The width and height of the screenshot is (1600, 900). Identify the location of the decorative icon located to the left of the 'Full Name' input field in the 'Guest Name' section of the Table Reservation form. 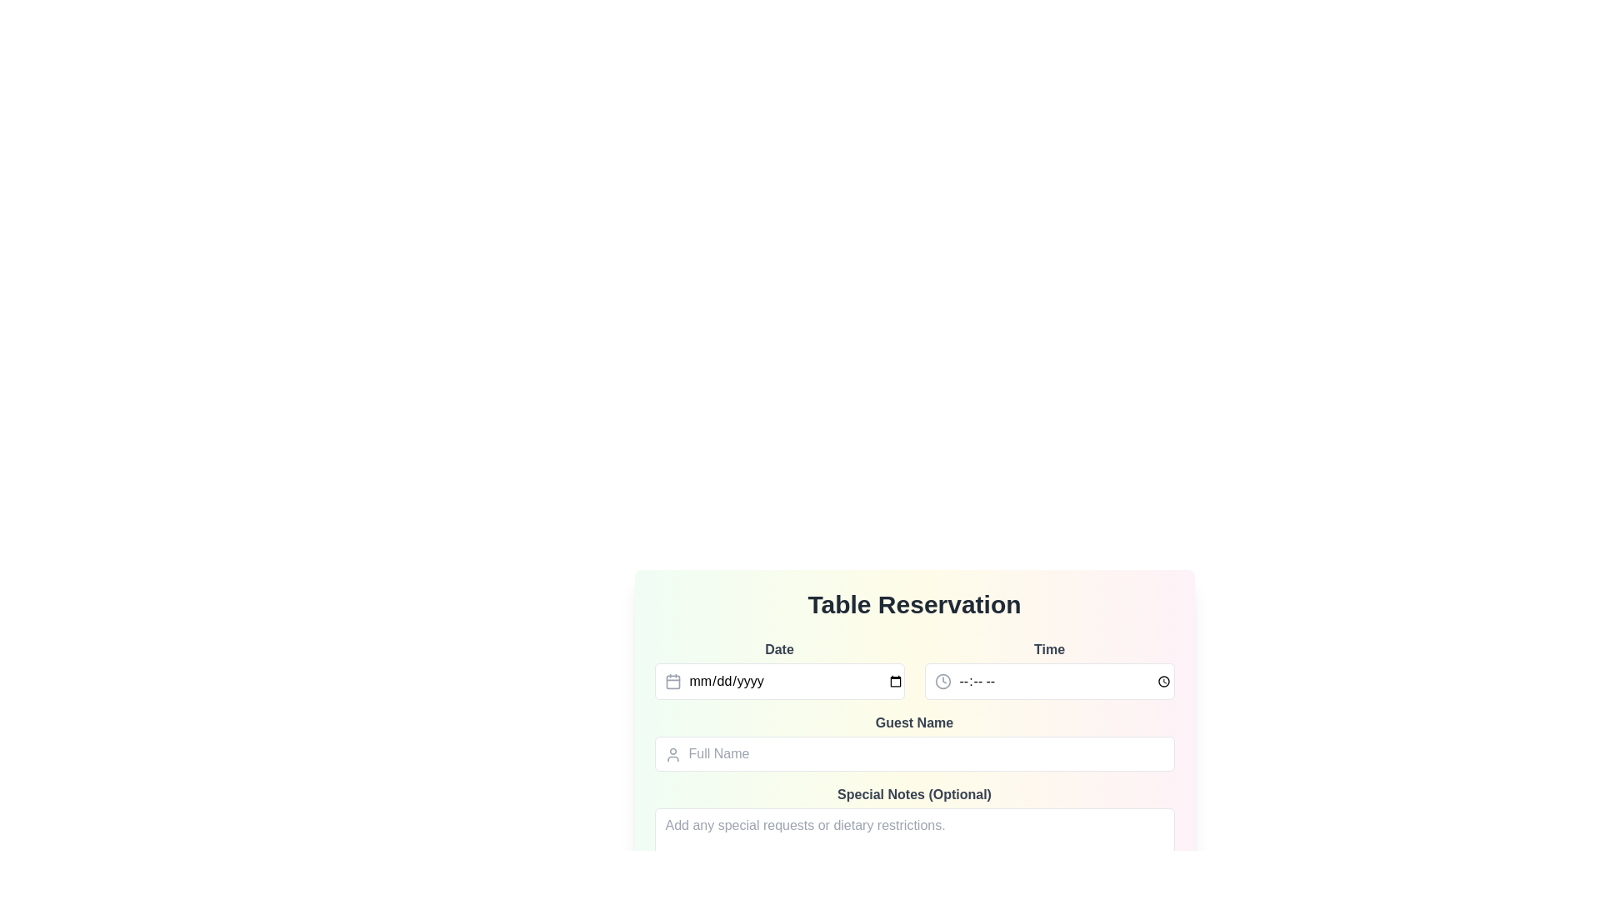
(672, 755).